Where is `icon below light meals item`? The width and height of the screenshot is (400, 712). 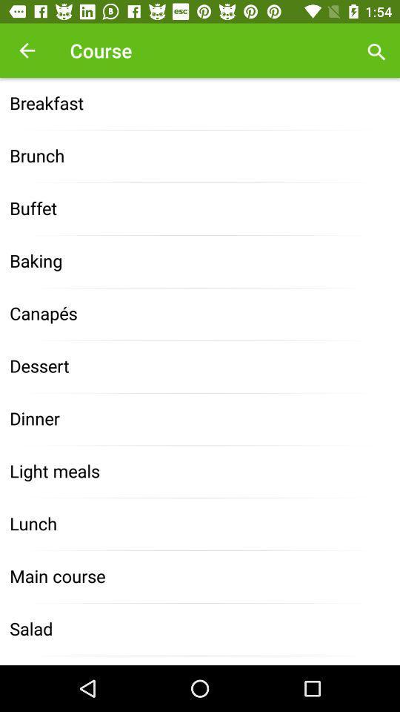 icon below light meals item is located at coordinates (200, 524).